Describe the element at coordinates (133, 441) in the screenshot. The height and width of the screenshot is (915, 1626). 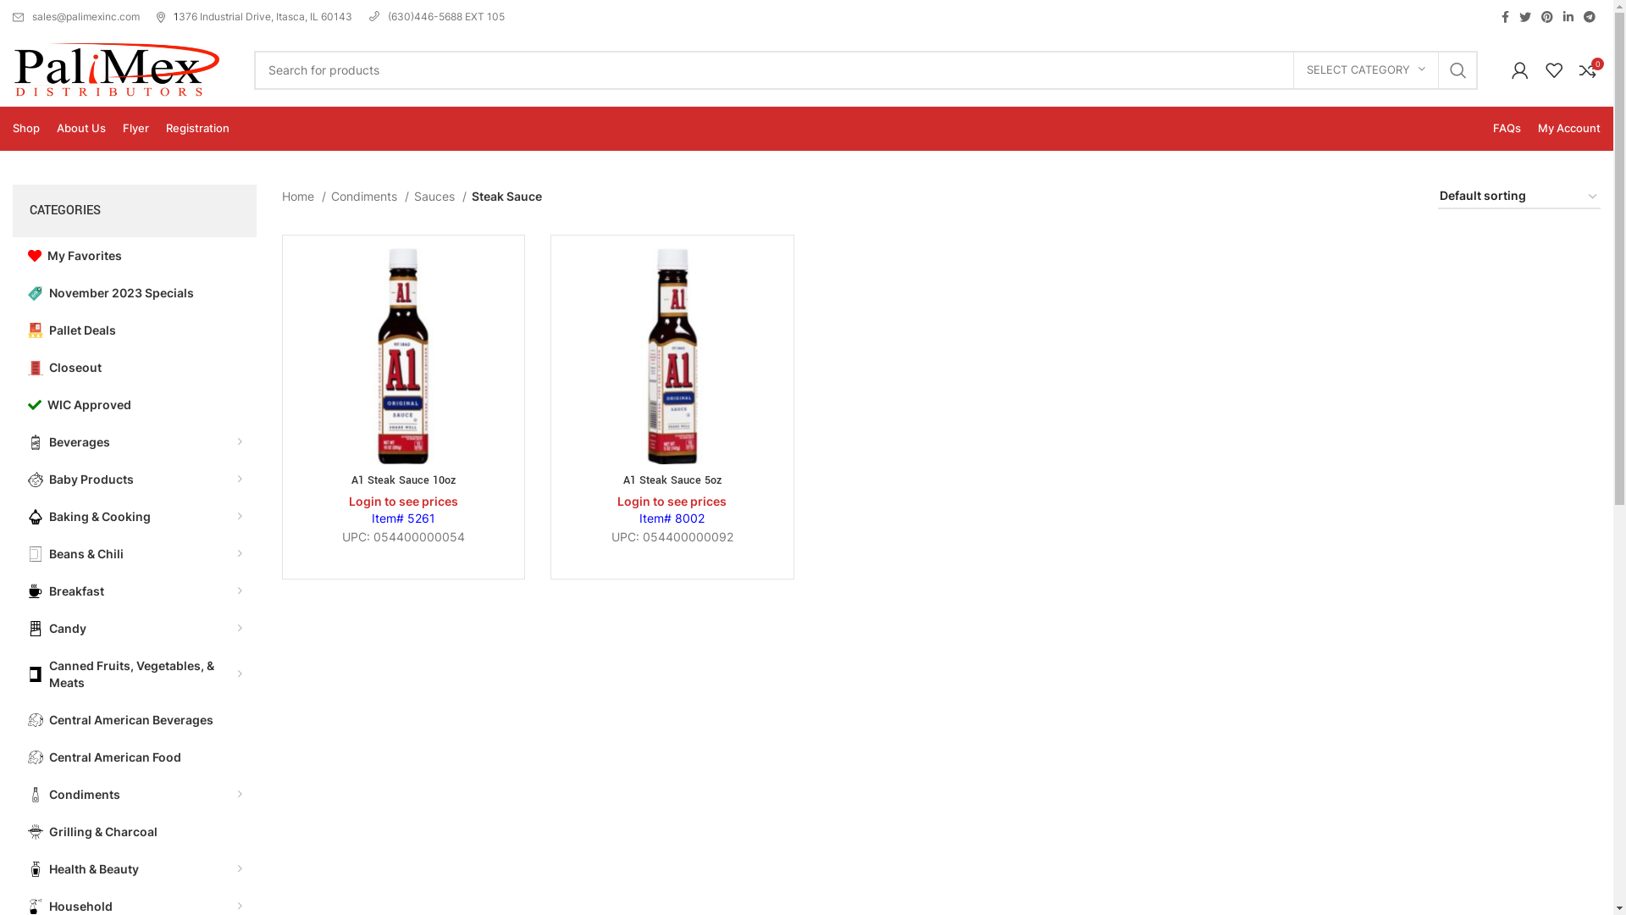
I see `'Beverages'` at that location.